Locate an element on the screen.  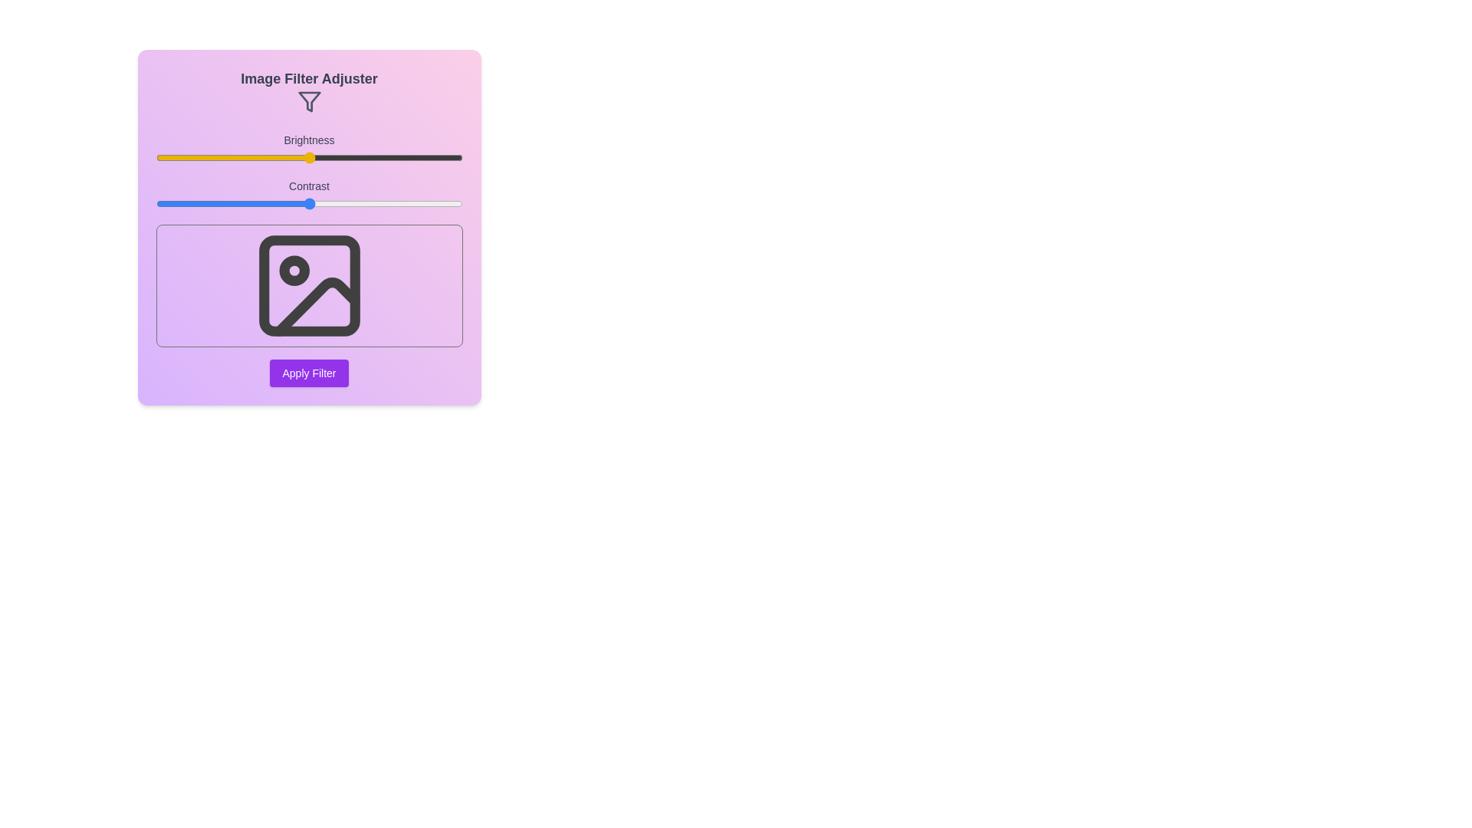
the brightness slider to 46% is located at coordinates (297, 157).